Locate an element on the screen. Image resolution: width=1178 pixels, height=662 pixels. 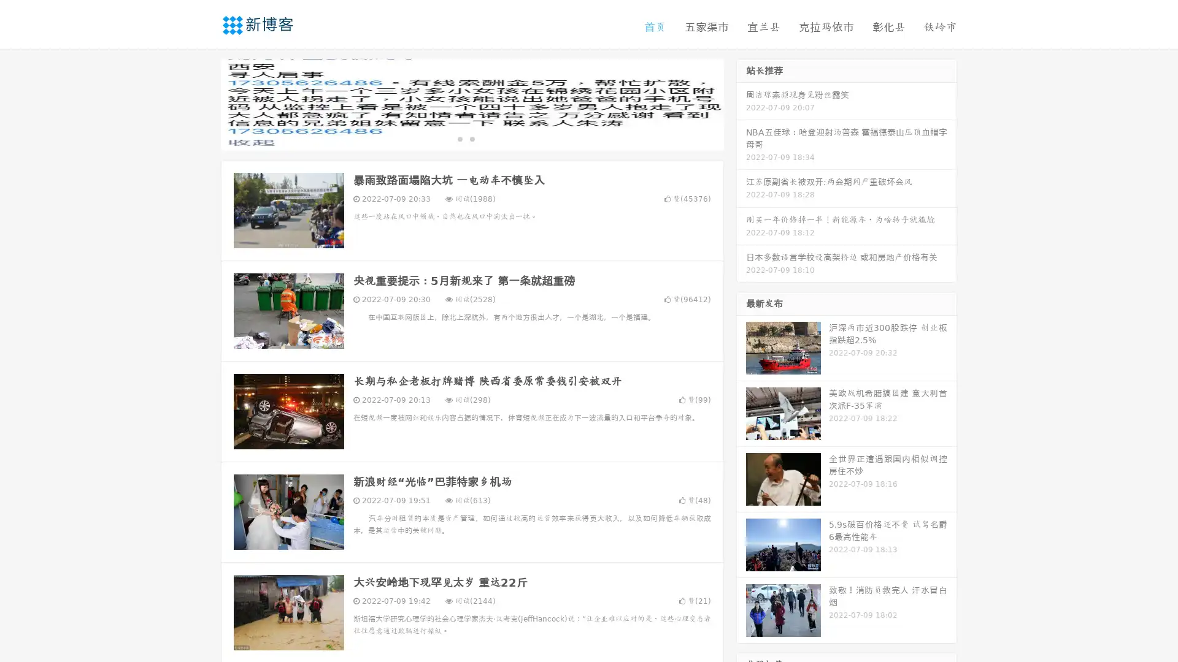
Previous slide is located at coordinates (202, 103).